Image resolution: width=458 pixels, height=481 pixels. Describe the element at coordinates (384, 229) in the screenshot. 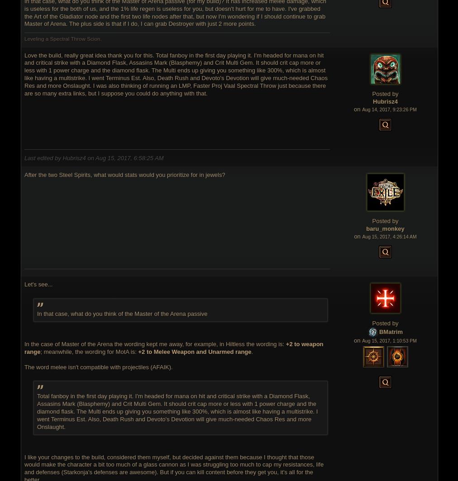

I see `'baru_monkey'` at that location.